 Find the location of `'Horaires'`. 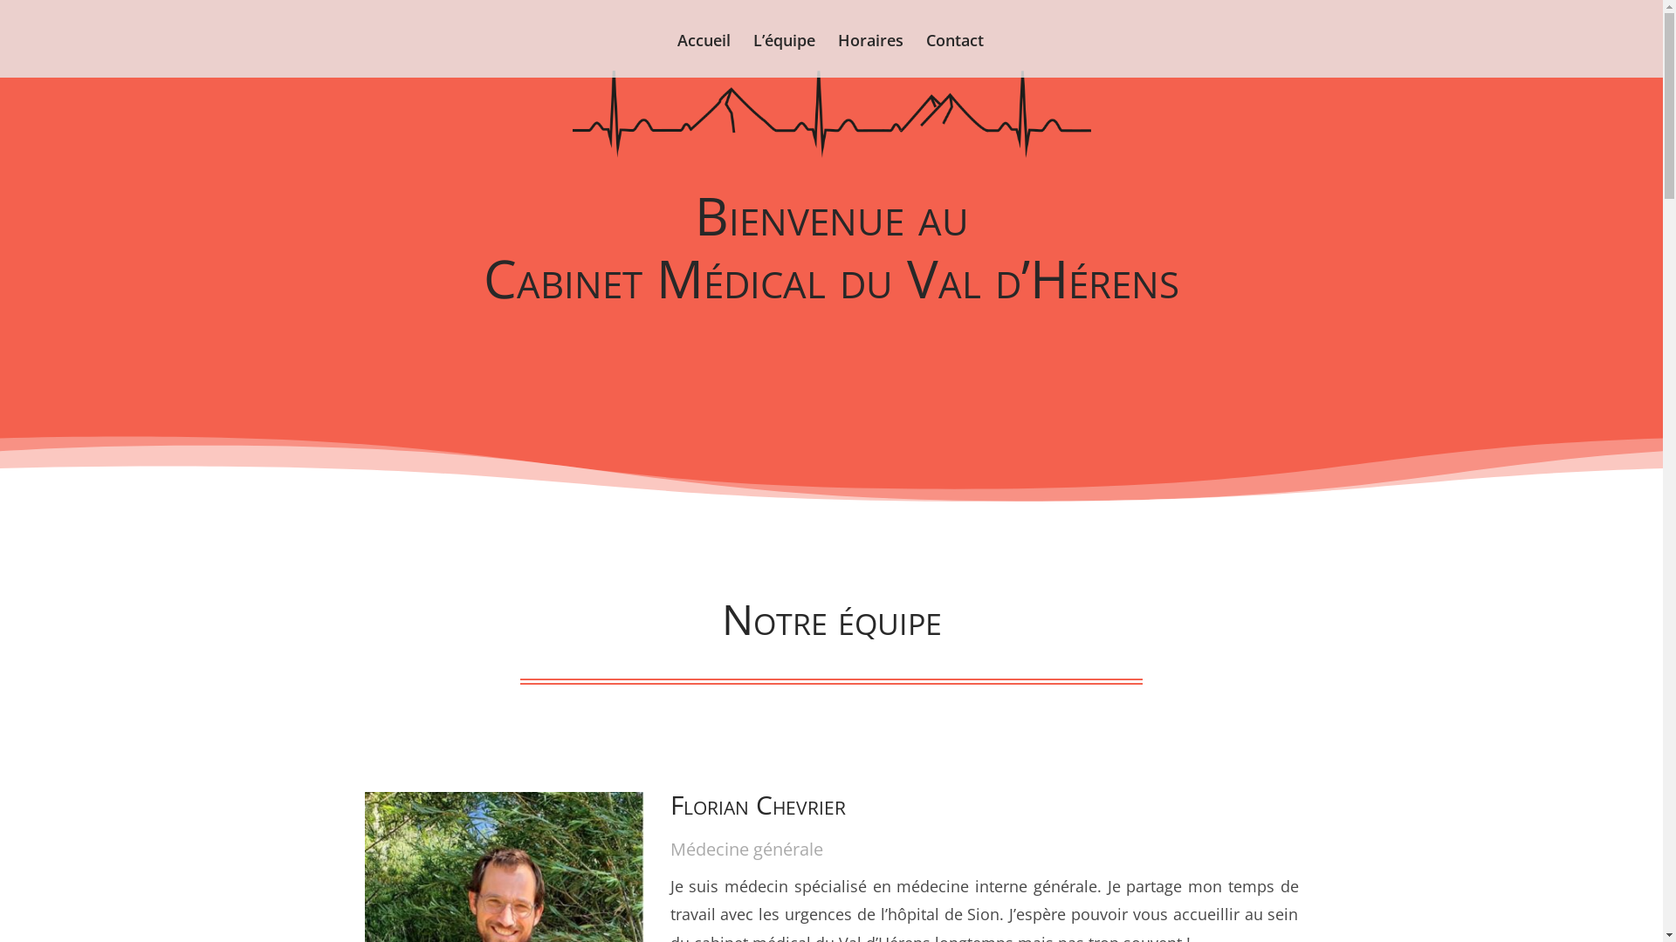

'Horaires' is located at coordinates (870, 55).